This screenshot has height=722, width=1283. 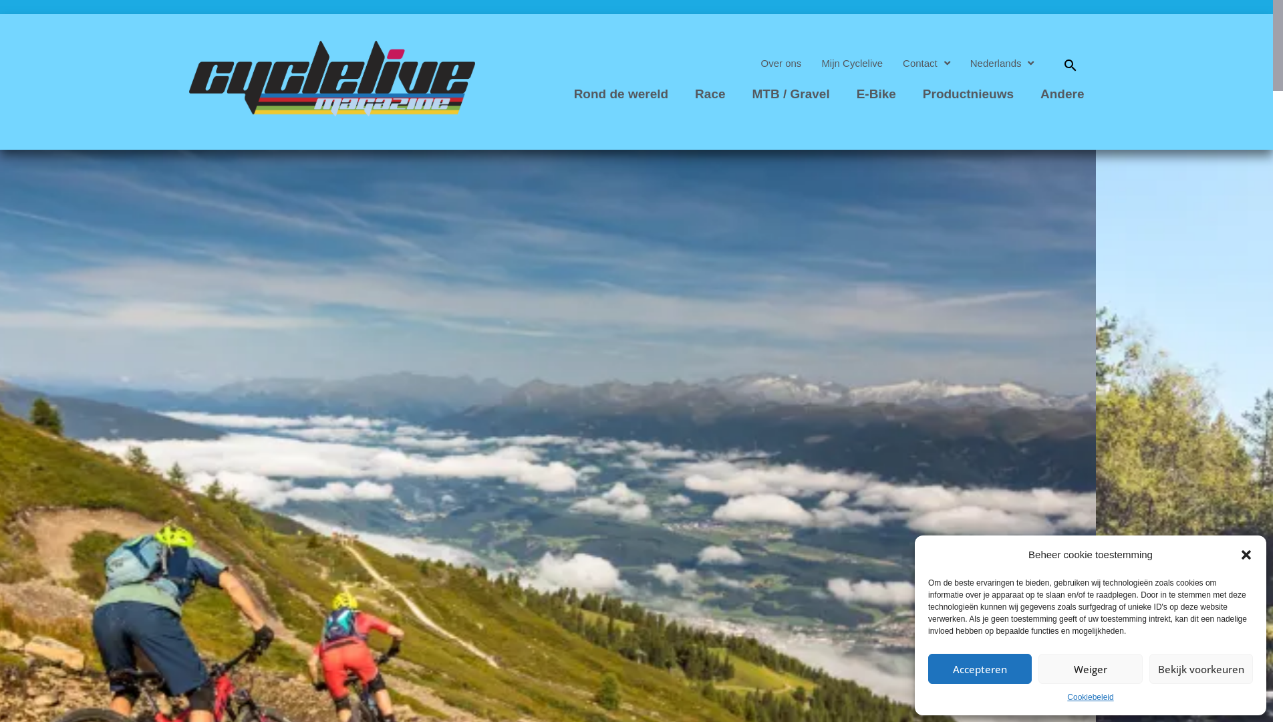 I want to click on 'Mijn Cyclelive', so click(x=851, y=64).